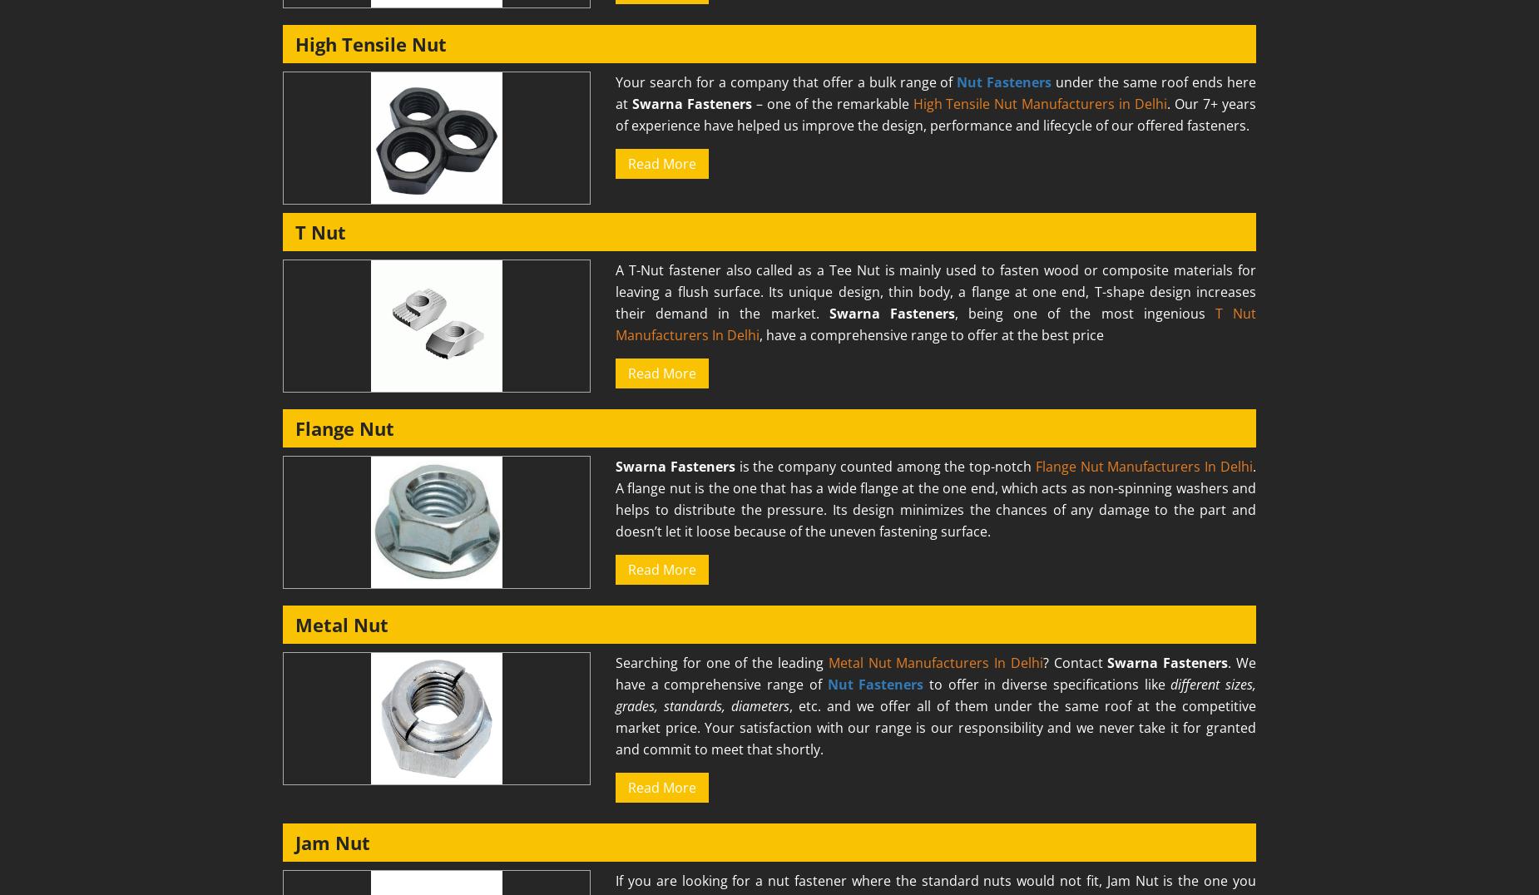 This screenshot has width=1539, height=895. I want to click on 'under the same roof ends here at', so click(616, 92).